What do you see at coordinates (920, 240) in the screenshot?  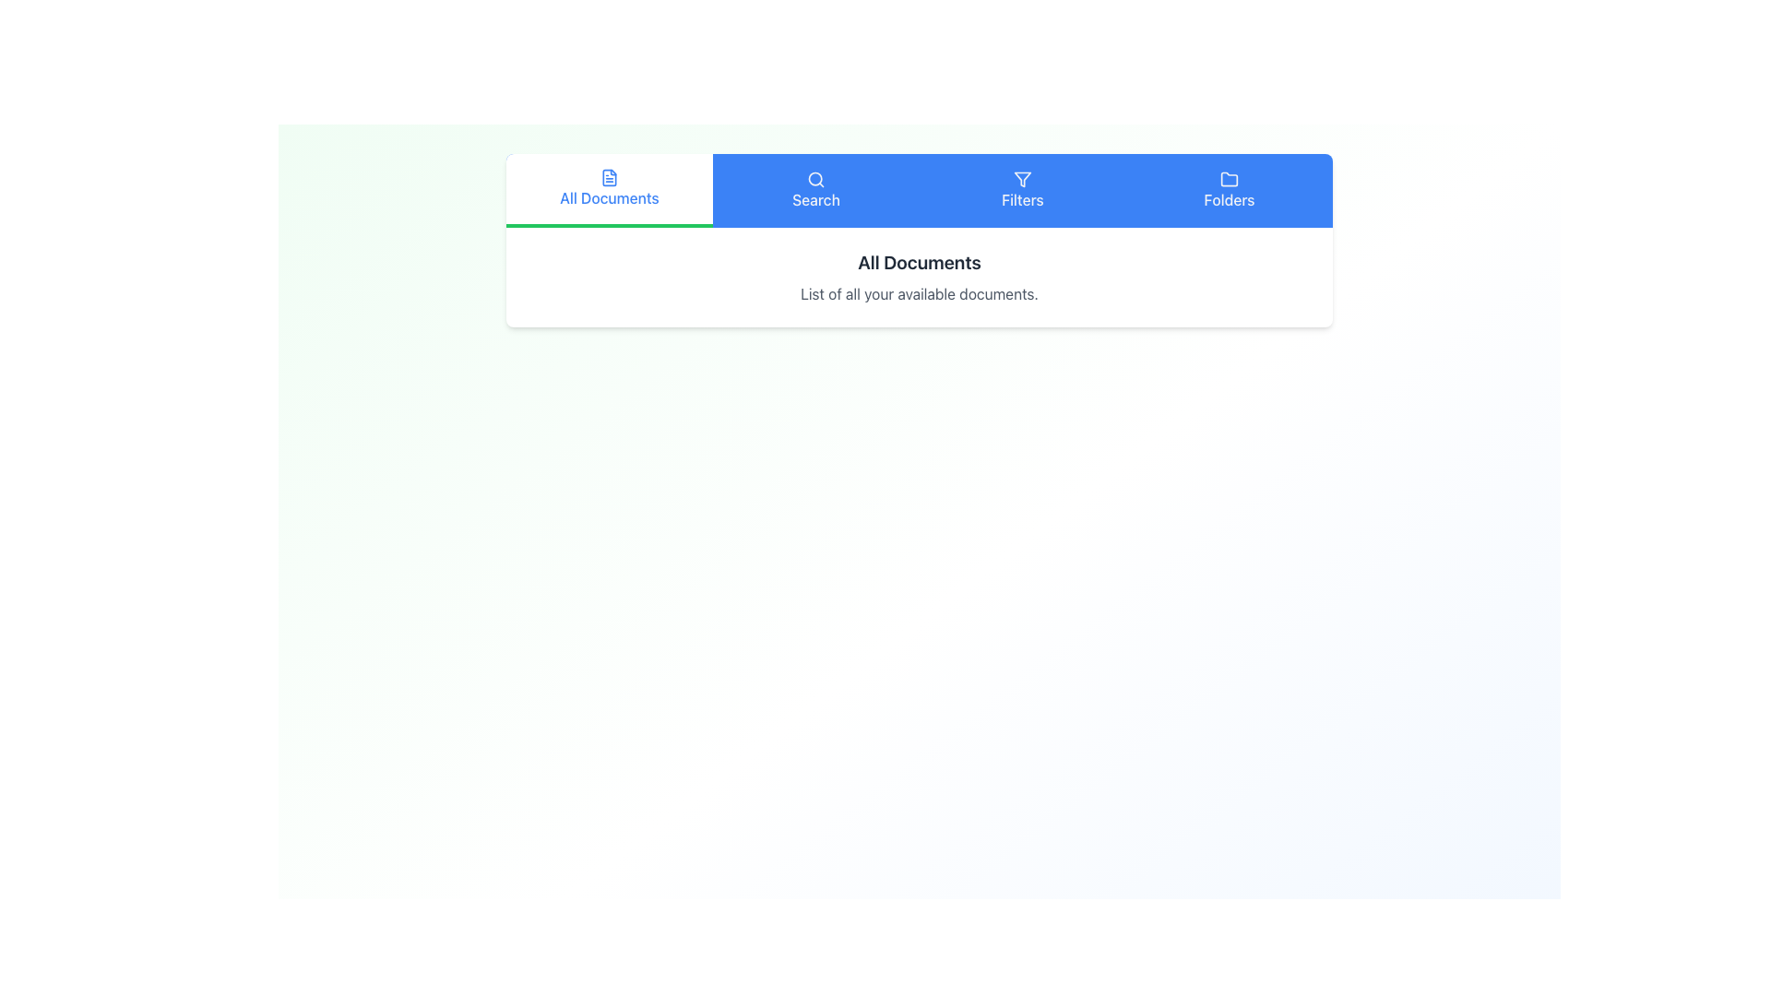 I see `informational section header titled 'All Documents' which is prominently displayed in a rectangular box beneath the blue navigation bar` at bounding box center [920, 240].